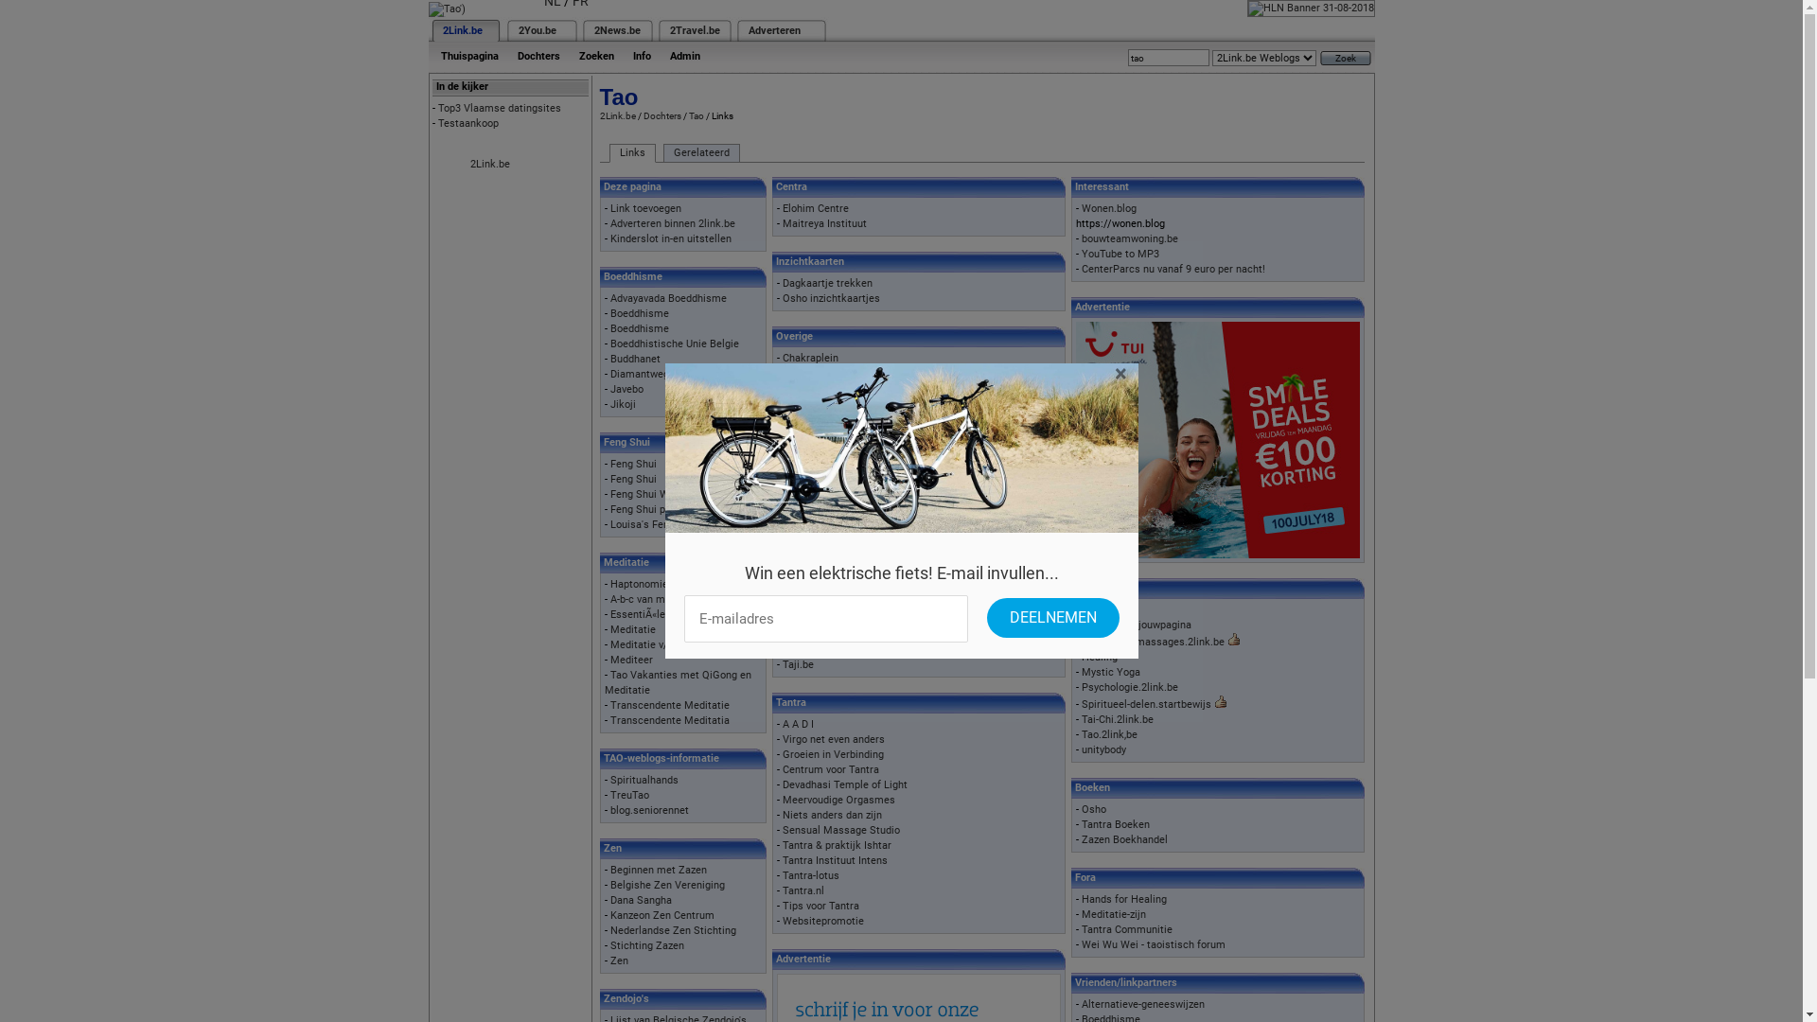  Describe the element at coordinates (641, 55) in the screenshot. I see `'Info'` at that location.